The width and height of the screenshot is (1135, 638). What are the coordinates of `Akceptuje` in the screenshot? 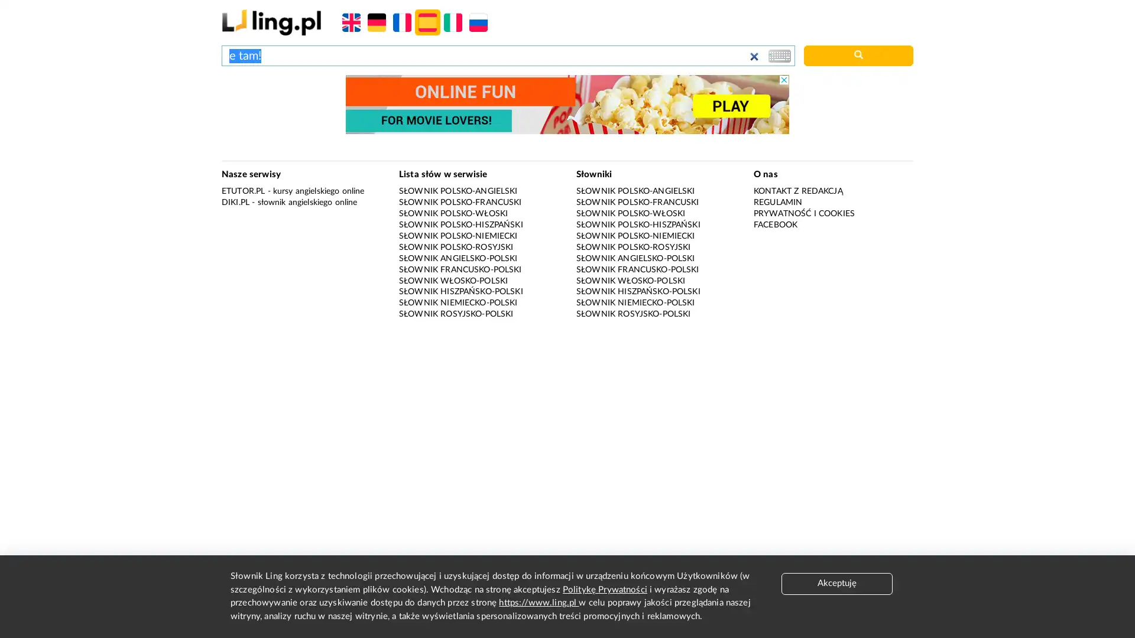 It's located at (836, 582).